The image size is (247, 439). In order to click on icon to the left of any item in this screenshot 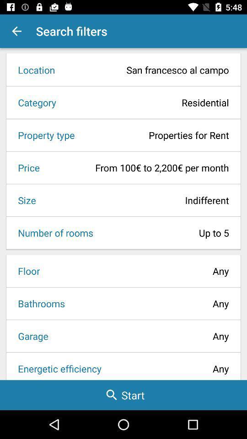, I will do `click(38, 303)`.